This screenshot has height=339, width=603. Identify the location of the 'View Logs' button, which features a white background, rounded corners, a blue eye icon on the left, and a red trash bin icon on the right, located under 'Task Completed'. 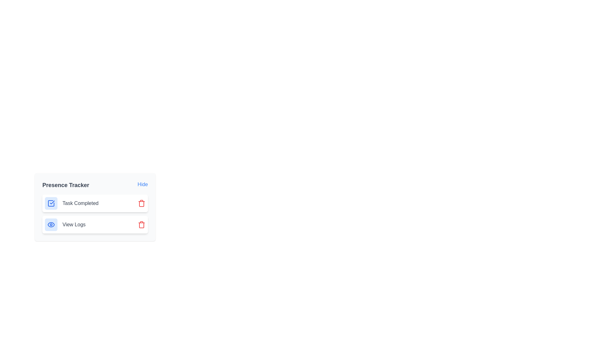
(95, 224).